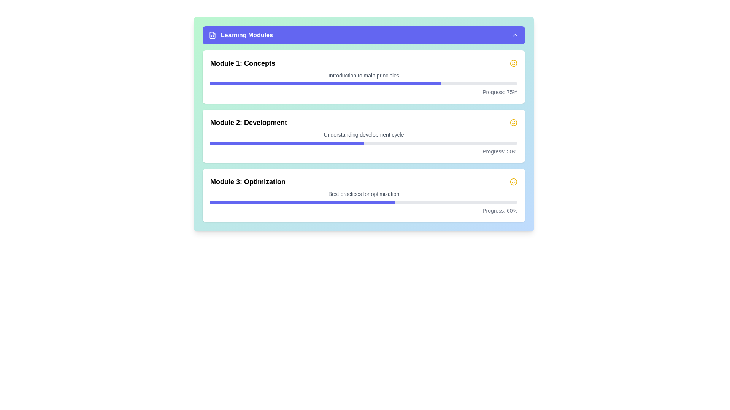  Describe the element at coordinates (240, 35) in the screenshot. I see `the Label with icon that serves as a header or title for the related content section, located in the top-left portion of a header section adjacent to a chevron-up icon` at that location.